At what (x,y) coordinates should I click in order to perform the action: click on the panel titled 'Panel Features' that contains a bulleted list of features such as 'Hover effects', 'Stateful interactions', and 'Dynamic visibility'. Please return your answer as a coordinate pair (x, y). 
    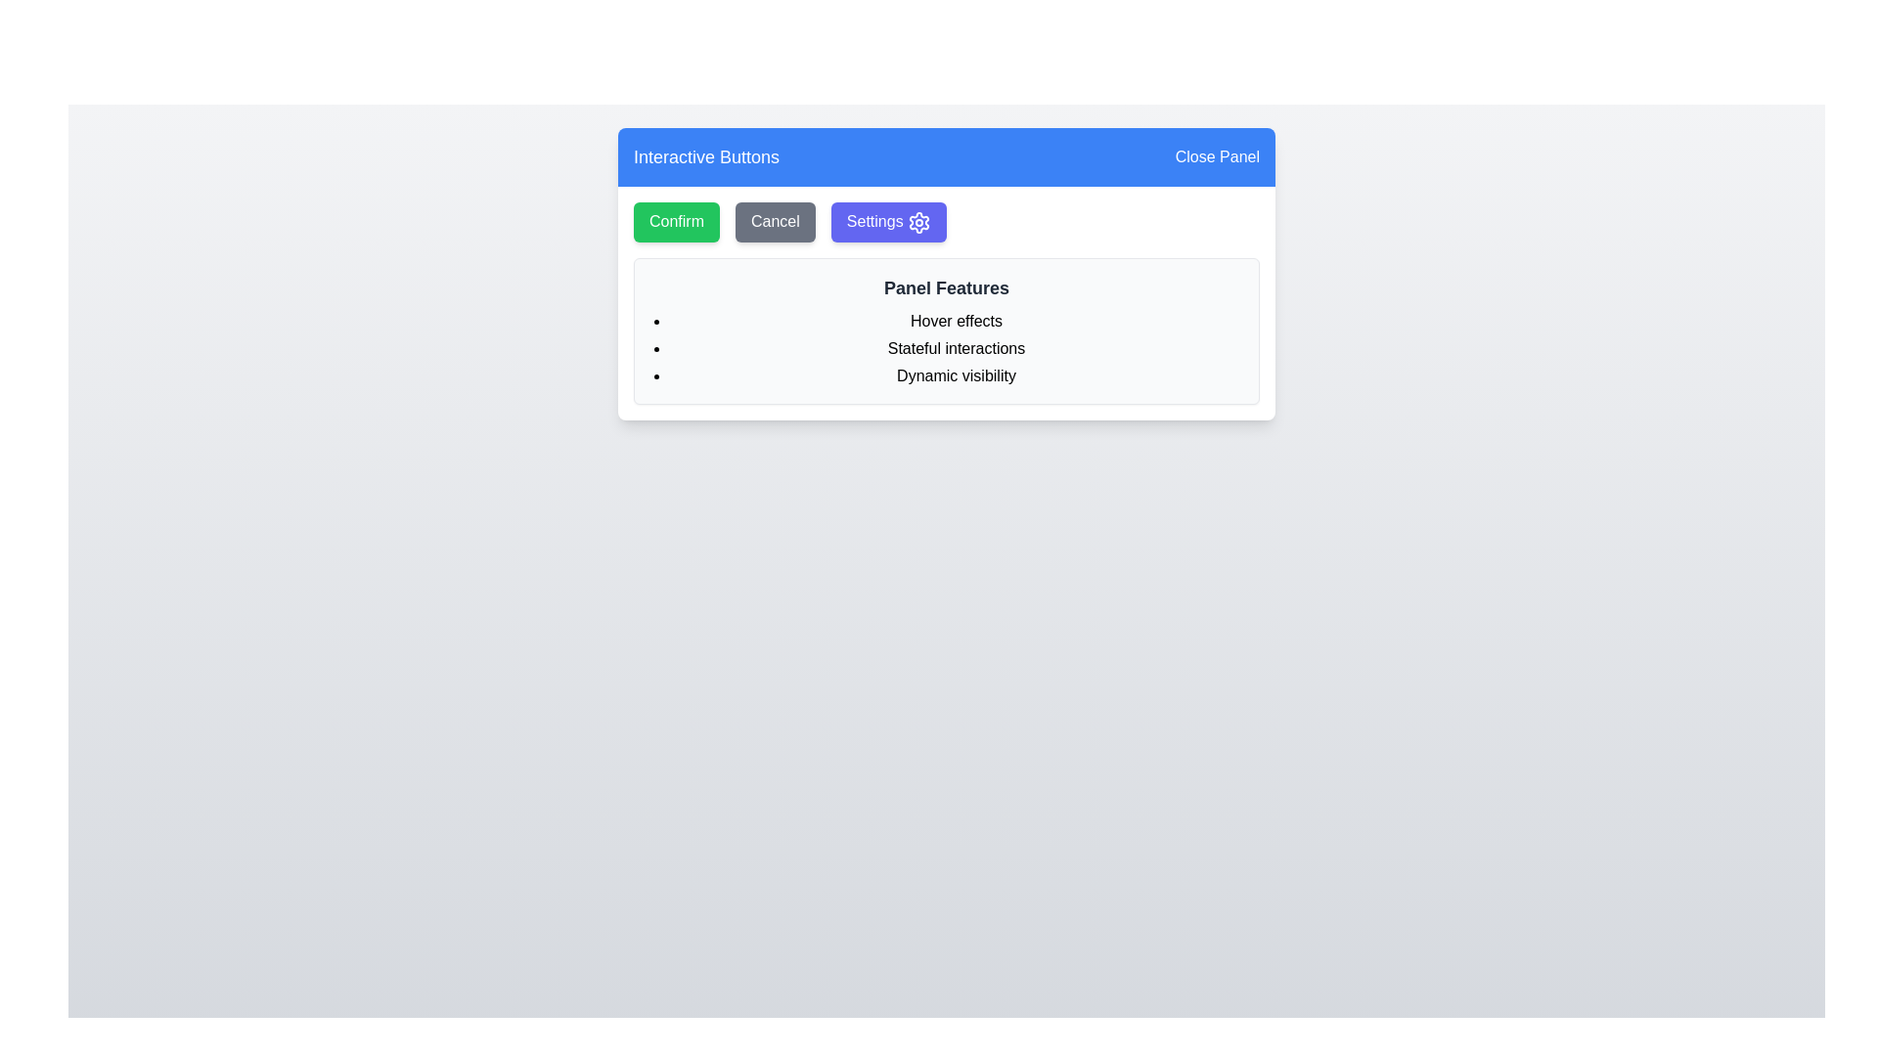
    Looking at the image, I should click on (947, 330).